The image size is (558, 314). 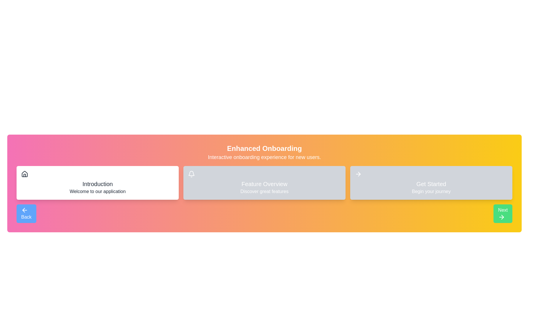 What do you see at coordinates (502, 214) in the screenshot?
I see `the Next button to navigate between steps` at bounding box center [502, 214].